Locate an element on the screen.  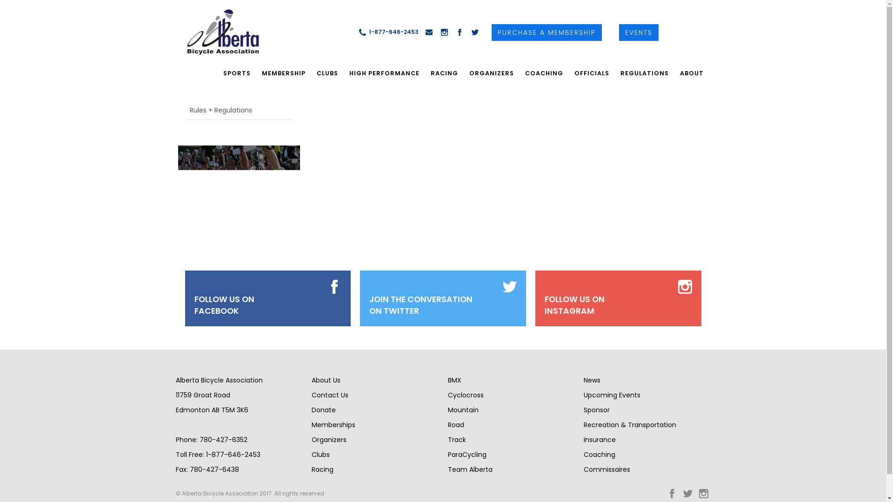
'JOIN THE CONVERSATION is located at coordinates (420, 305).